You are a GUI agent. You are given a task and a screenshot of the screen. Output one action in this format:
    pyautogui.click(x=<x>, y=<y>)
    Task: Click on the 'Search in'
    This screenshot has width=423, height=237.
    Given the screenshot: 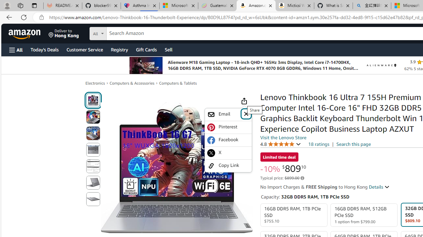 What is the action you would take?
    pyautogui.click(x=123, y=33)
    